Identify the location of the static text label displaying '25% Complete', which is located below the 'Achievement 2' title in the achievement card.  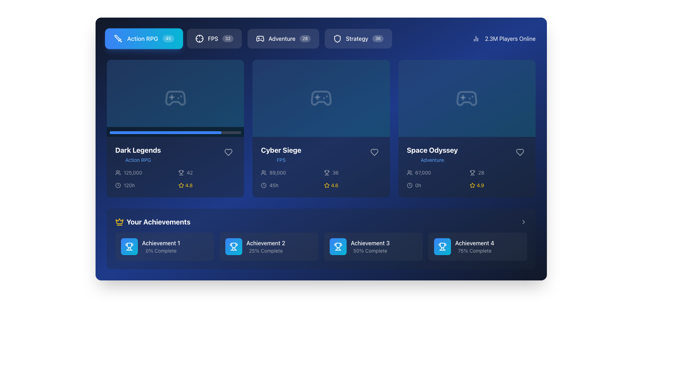
(265, 251).